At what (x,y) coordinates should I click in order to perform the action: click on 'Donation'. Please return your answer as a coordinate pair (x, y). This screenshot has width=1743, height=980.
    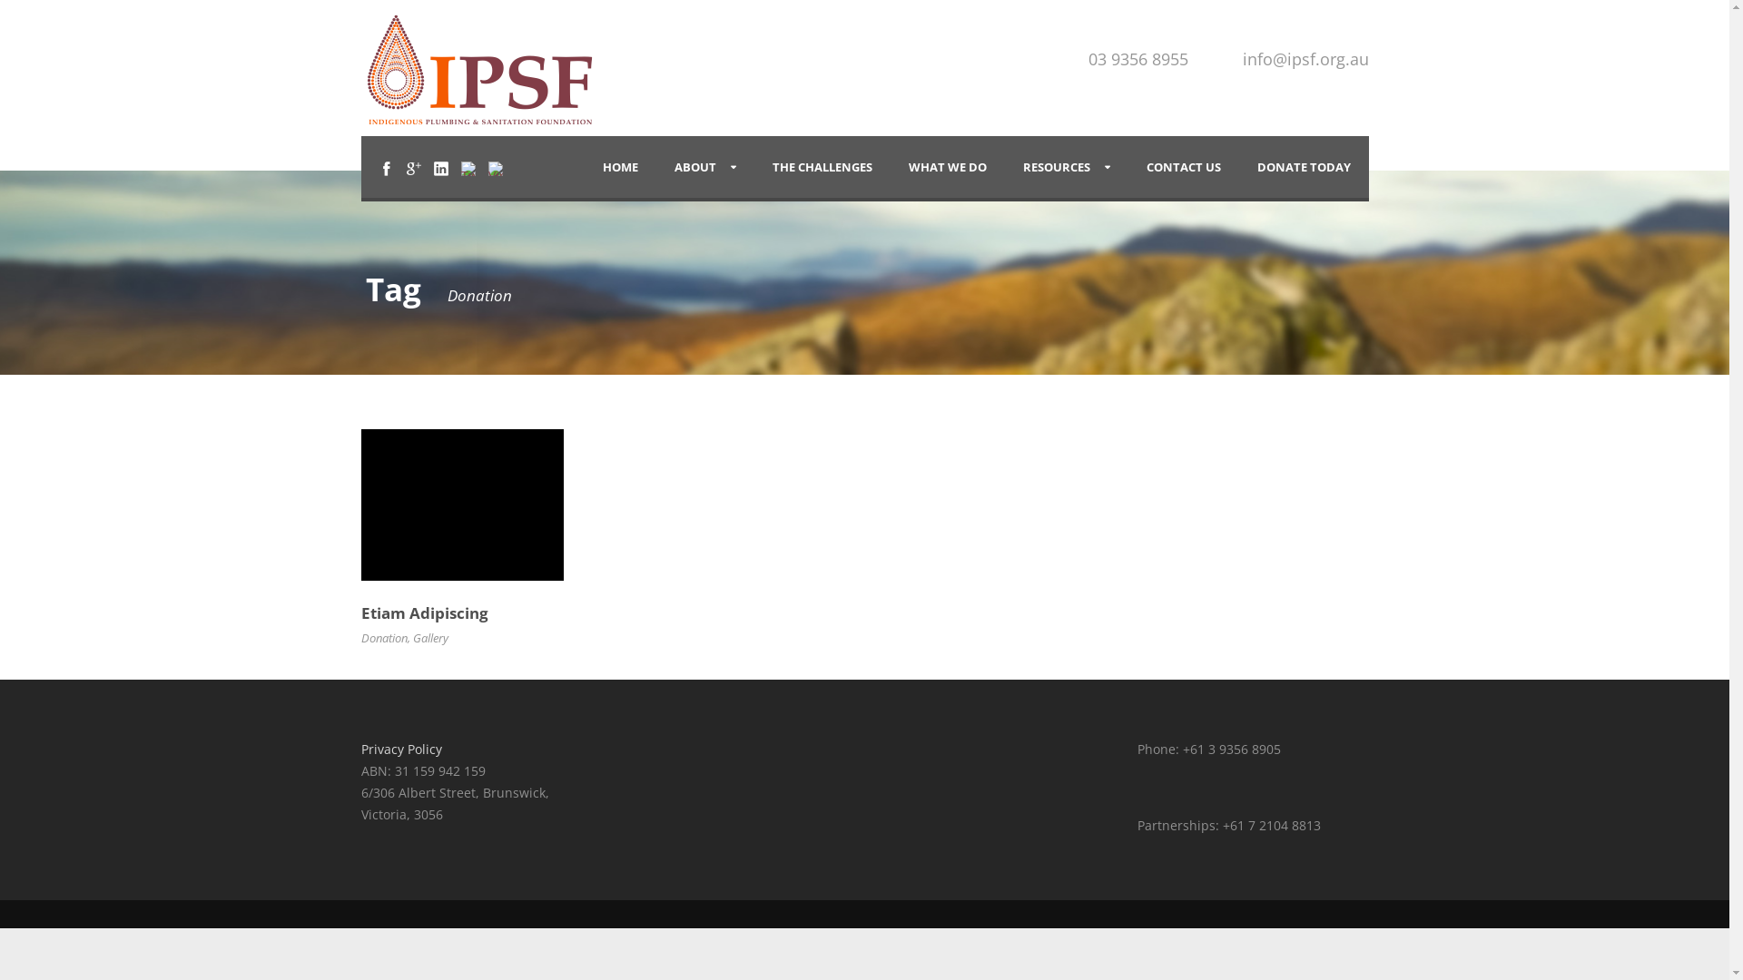
    Looking at the image, I should click on (383, 636).